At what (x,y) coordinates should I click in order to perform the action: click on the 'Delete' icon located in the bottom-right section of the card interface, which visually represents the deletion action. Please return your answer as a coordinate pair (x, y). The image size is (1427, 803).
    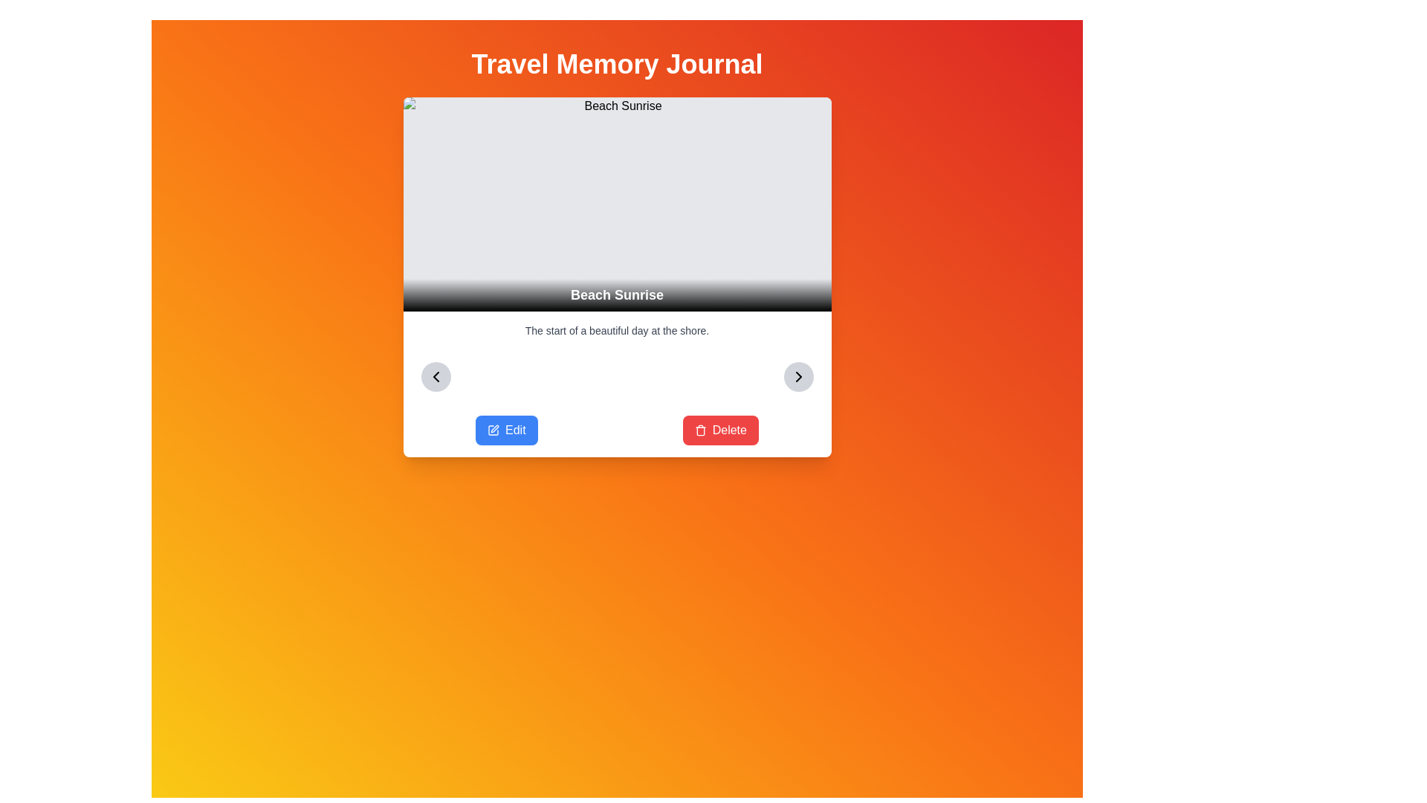
    Looking at the image, I should click on (699, 430).